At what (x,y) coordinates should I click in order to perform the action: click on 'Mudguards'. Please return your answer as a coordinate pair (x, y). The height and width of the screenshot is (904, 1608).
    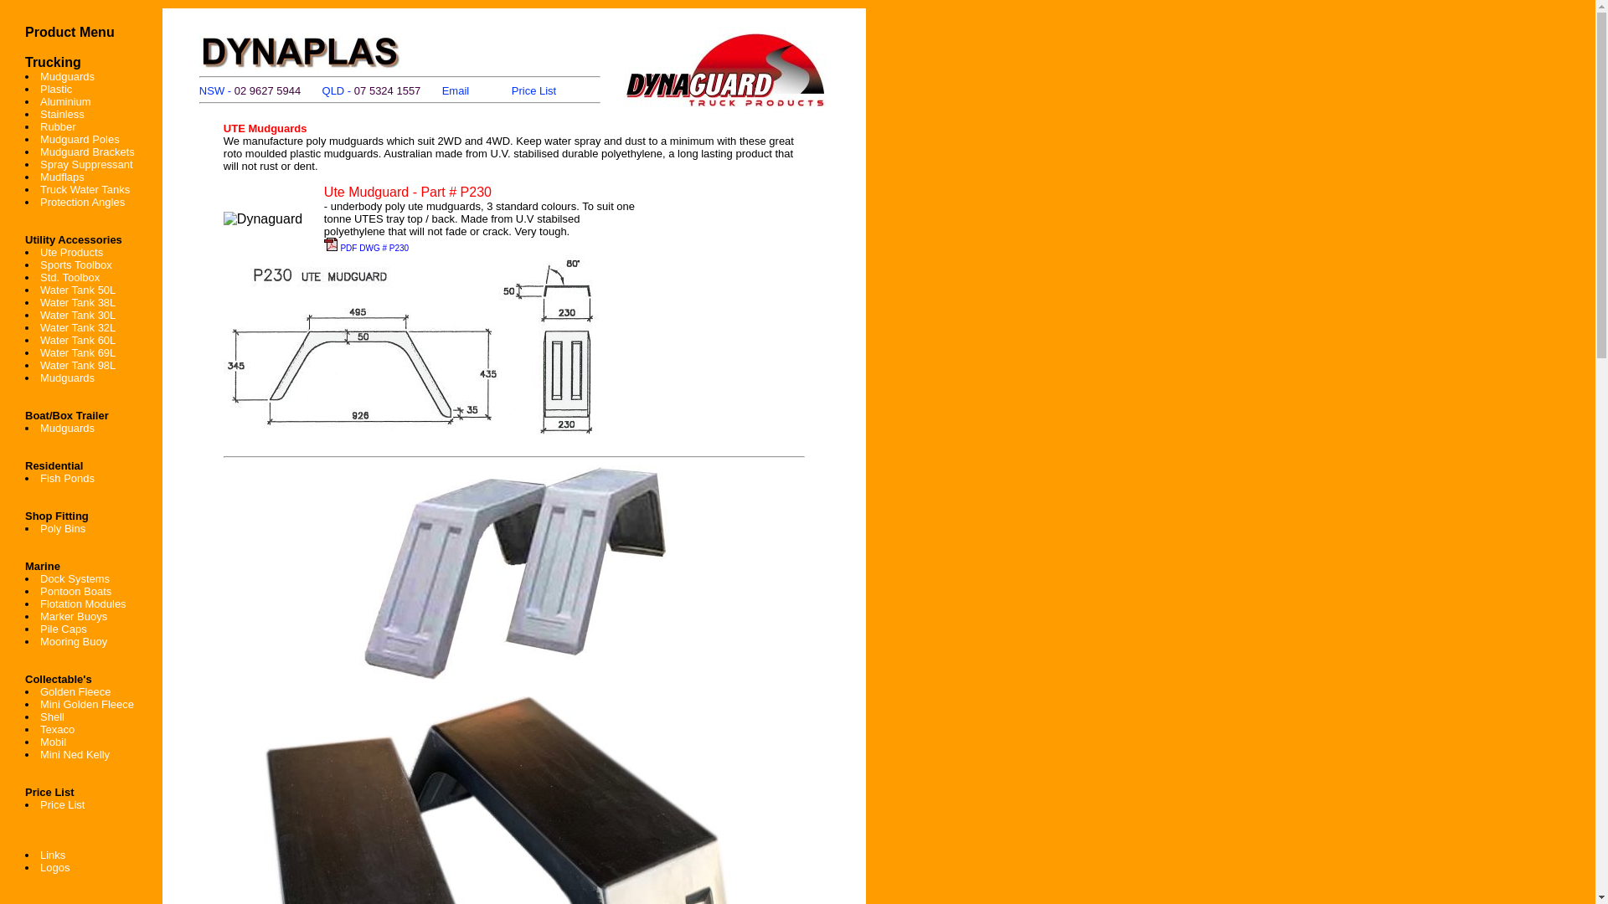
    Looking at the image, I should click on (67, 378).